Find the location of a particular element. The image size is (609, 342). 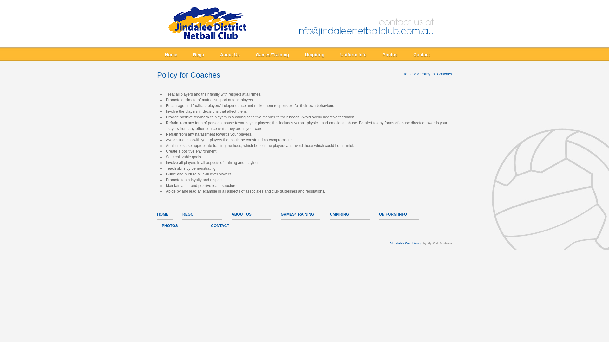

'Home' is located at coordinates (408, 74).